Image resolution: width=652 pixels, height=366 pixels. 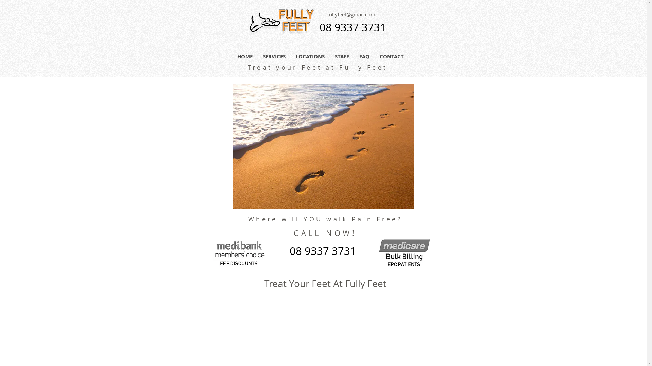 I want to click on '08 9337 3731', so click(x=352, y=28).